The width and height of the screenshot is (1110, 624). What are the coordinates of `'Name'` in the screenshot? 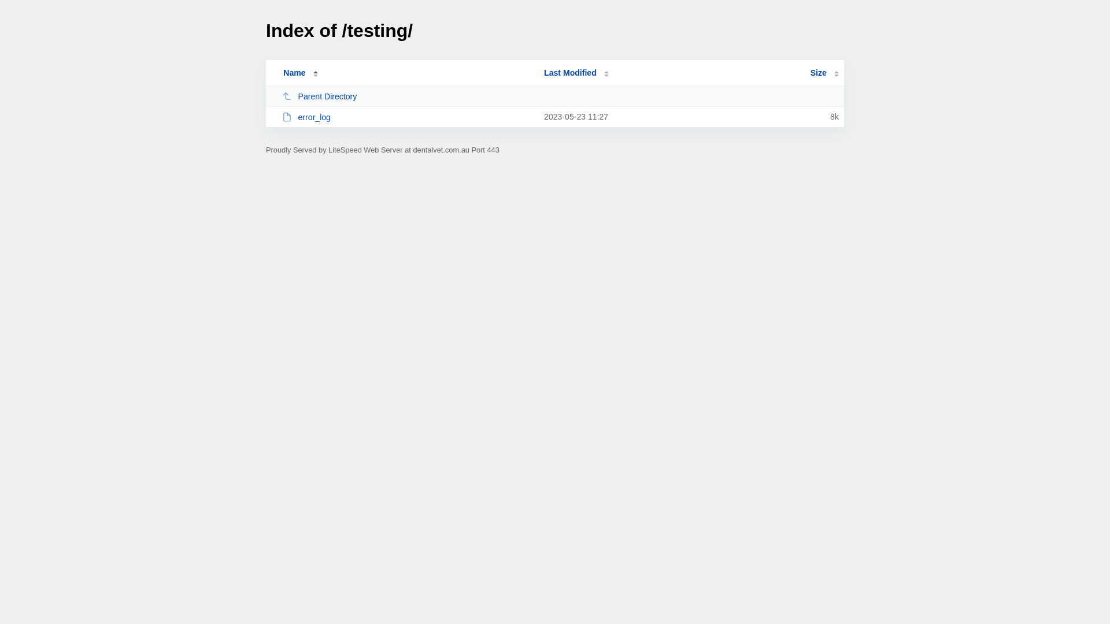 It's located at (294, 73).